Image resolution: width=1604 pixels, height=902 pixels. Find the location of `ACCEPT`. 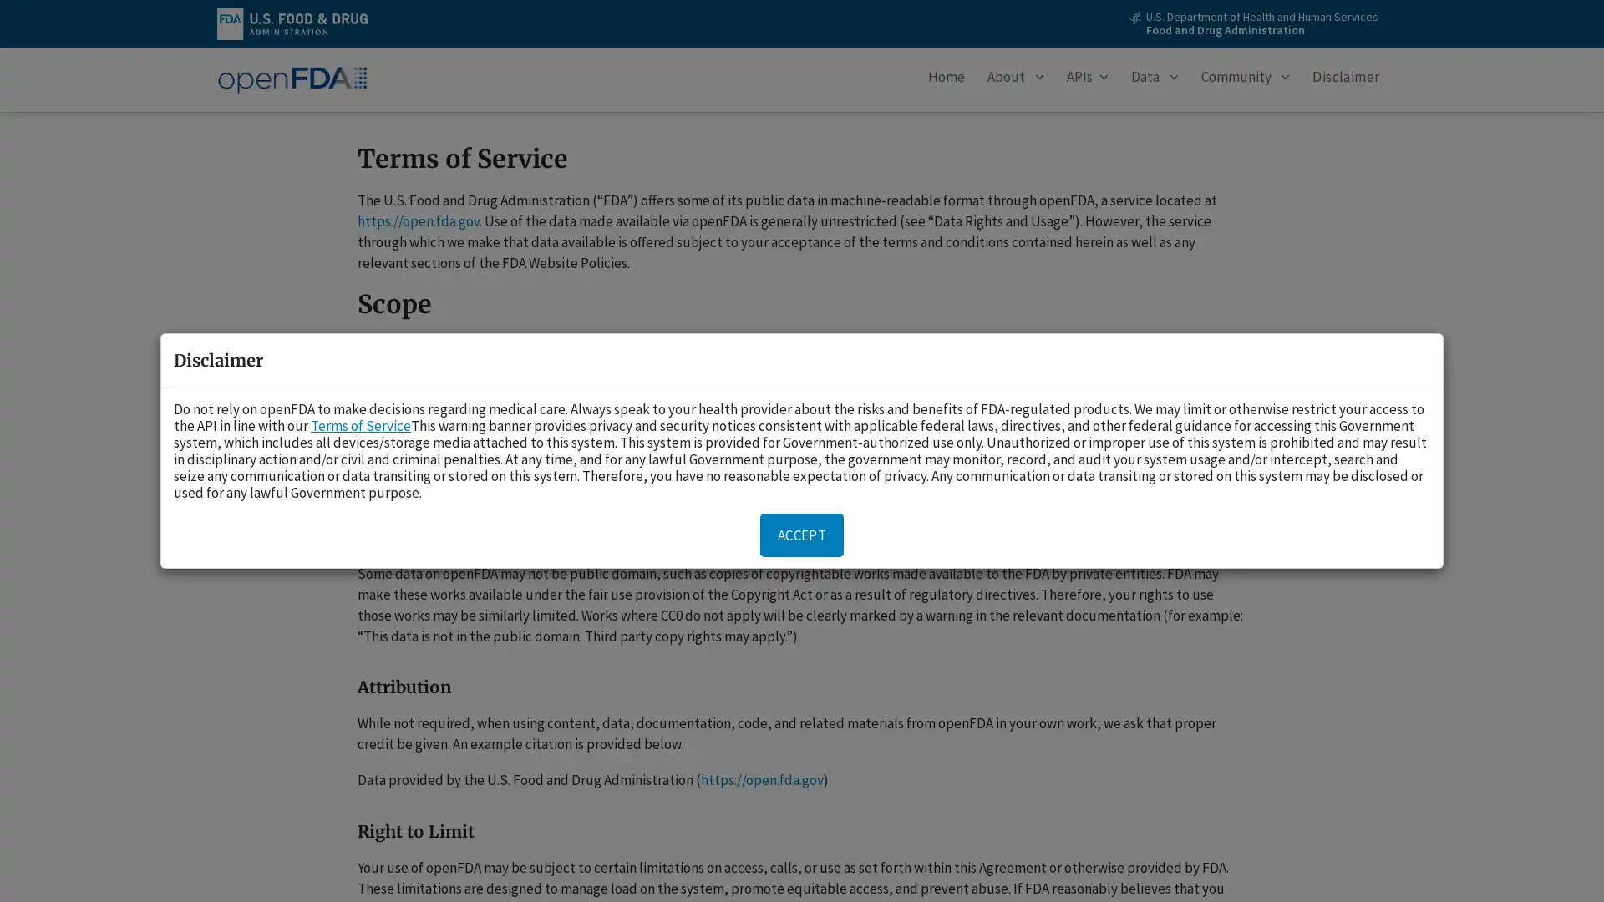

ACCEPT is located at coordinates (802, 535).